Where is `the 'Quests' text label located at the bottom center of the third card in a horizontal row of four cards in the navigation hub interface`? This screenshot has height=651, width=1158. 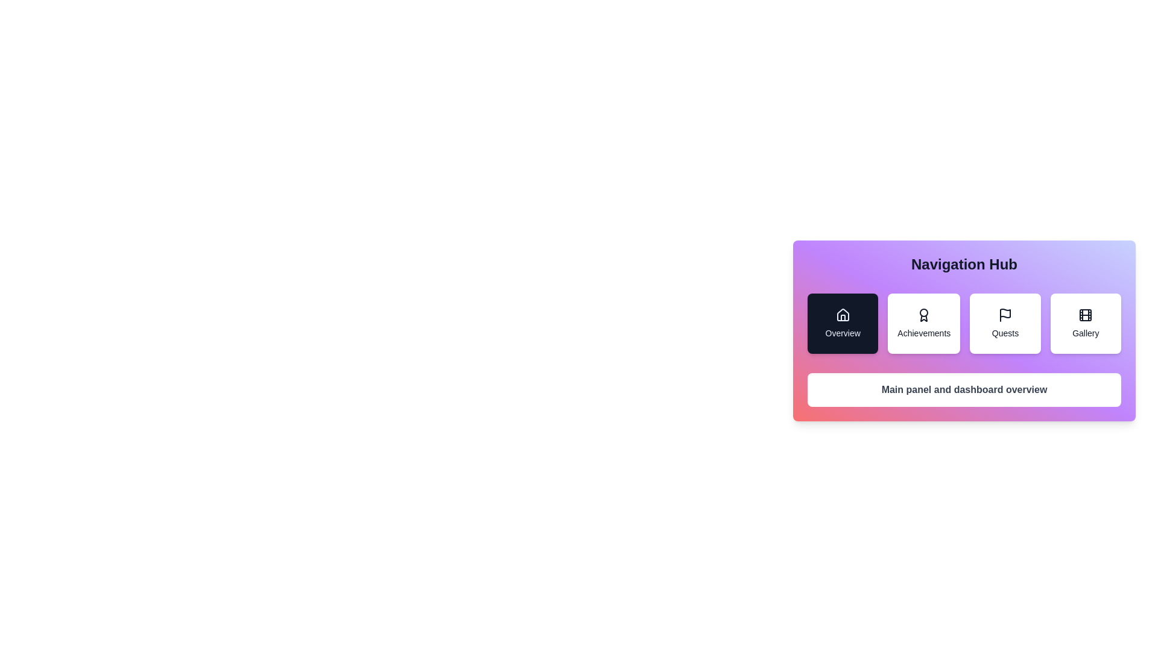 the 'Quests' text label located at the bottom center of the third card in a horizontal row of four cards in the navigation hub interface is located at coordinates (1005, 333).